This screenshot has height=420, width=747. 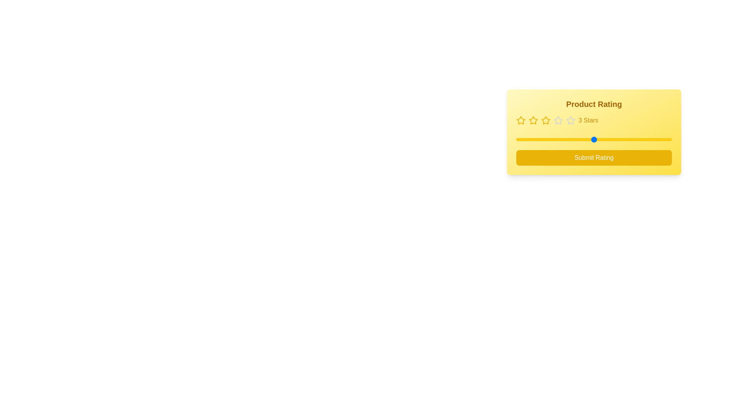 I want to click on the Static Label Text, which serves as the title for the rating section positioned above the interactive rating stars, so click(x=593, y=103).